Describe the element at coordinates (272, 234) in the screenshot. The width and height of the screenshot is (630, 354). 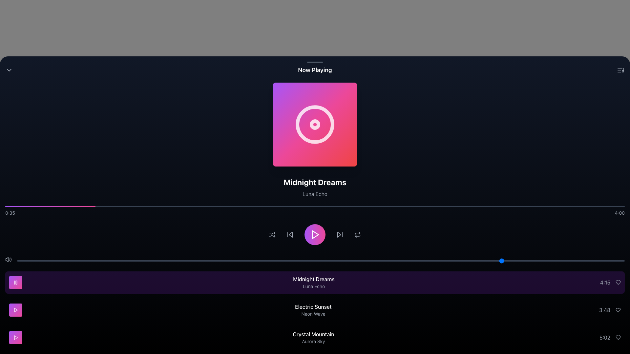
I see `the first icon in the row of controls below the album artwork and track title section` at that location.